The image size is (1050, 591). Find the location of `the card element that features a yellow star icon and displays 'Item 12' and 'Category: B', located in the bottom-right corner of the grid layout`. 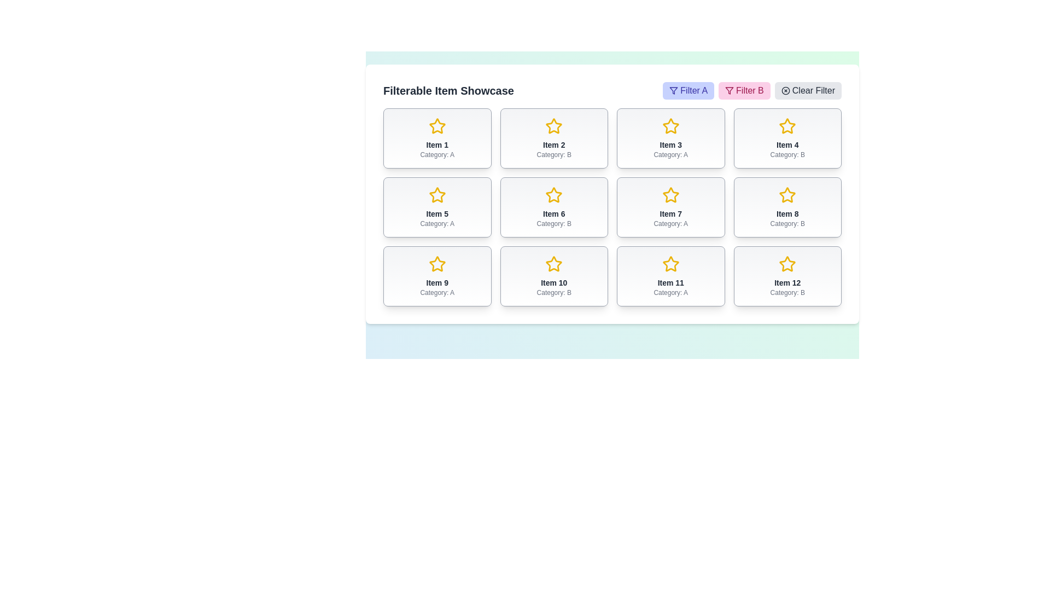

the card element that features a yellow star icon and displays 'Item 12' and 'Category: B', located in the bottom-right corner of the grid layout is located at coordinates (787, 276).